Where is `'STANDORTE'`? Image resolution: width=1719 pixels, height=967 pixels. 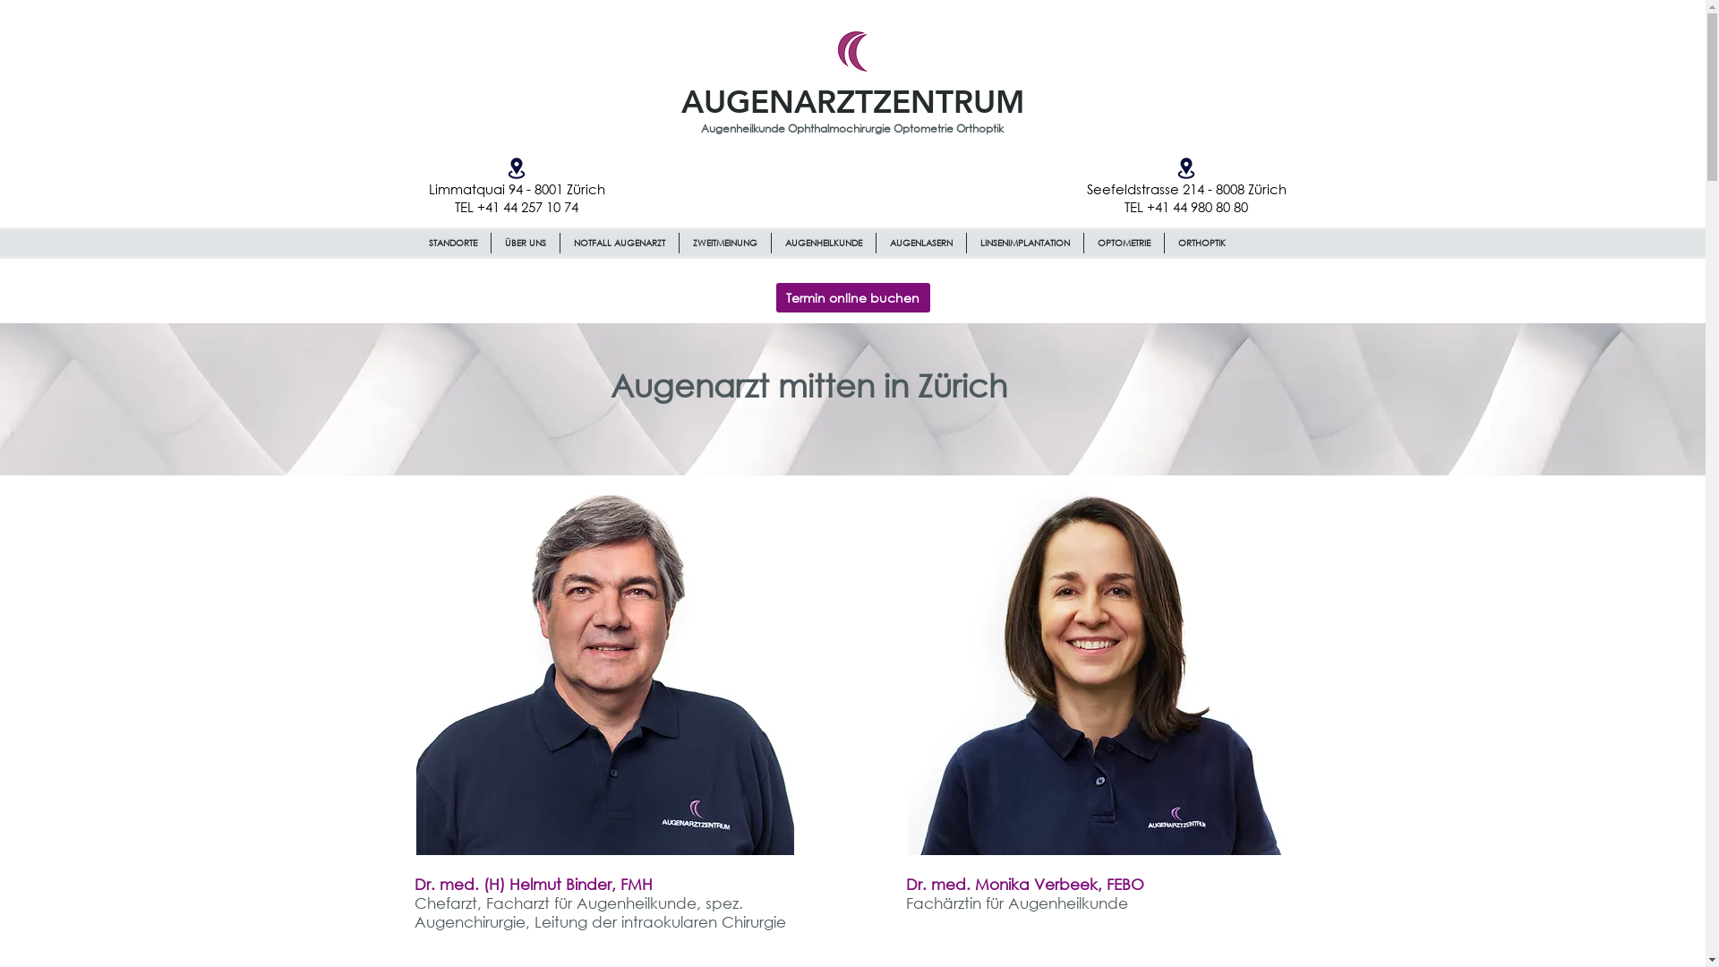 'STANDORTE' is located at coordinates (452, 243).